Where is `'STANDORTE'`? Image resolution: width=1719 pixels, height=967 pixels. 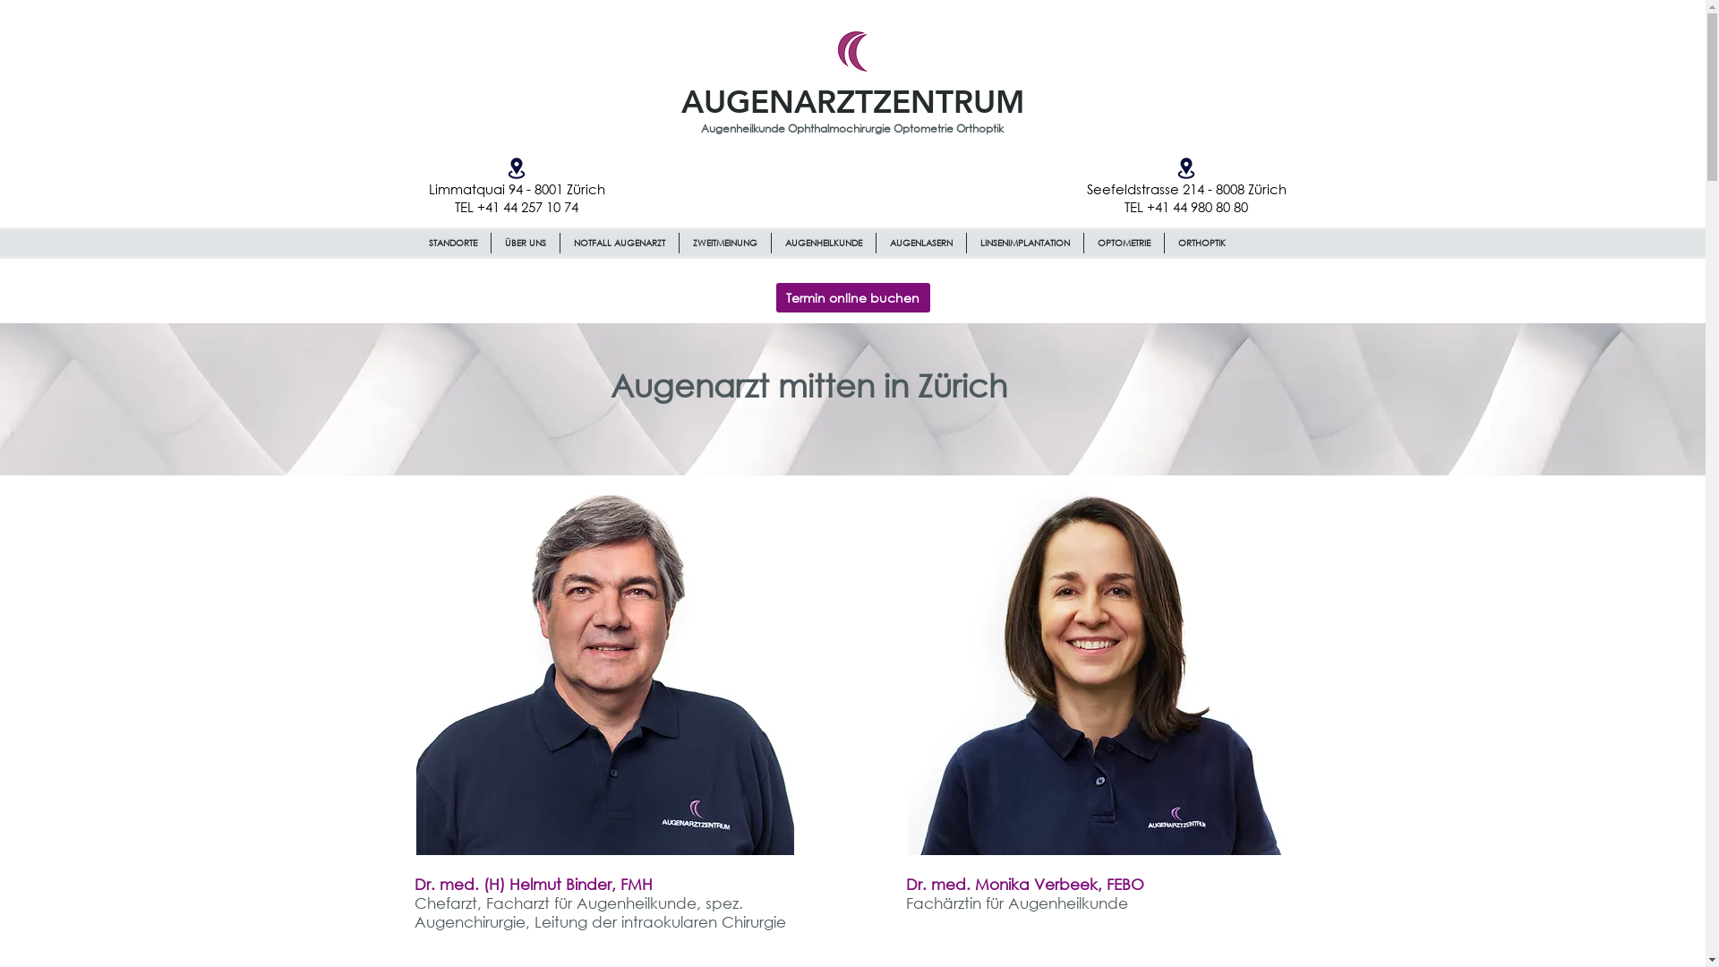 'STANDORTE' is located at coordinates (452, 243).